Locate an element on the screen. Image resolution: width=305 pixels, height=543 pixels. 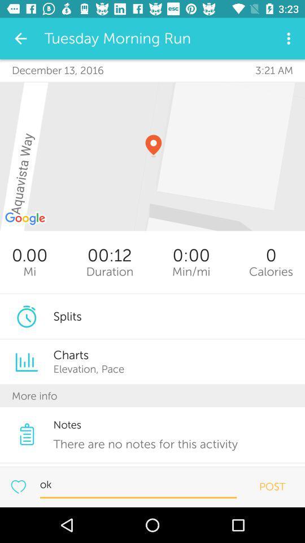
the run is located at coordinates (18, 486).